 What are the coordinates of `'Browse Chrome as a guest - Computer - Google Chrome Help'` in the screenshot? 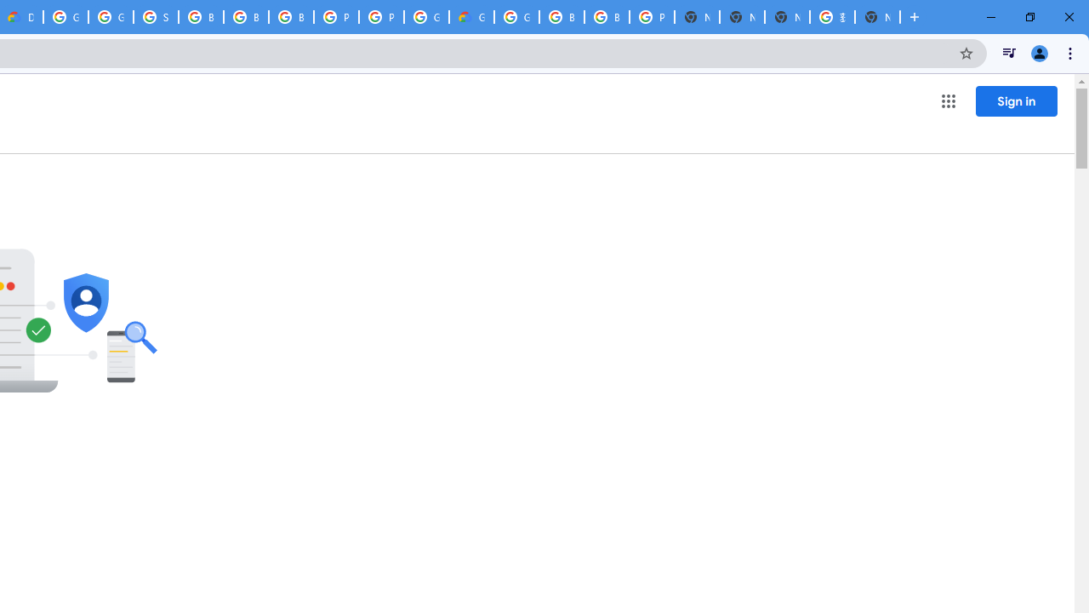 It's located at (245, 17).